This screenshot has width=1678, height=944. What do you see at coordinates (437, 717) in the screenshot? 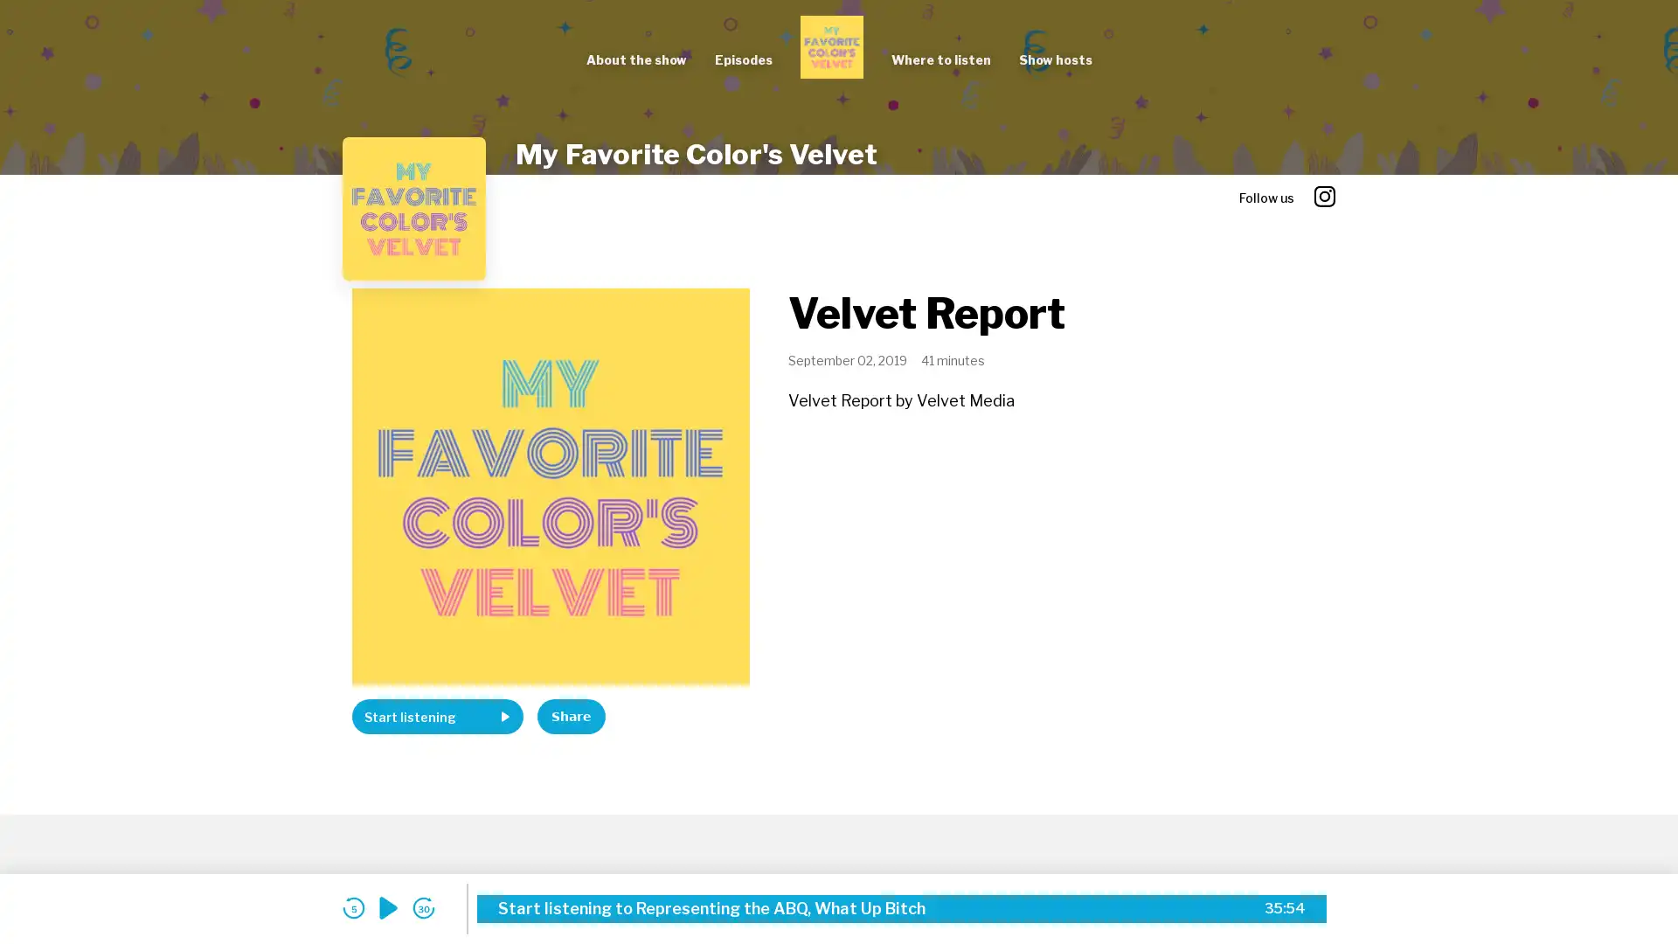
I see `Start listening` at bounding box center [437, 717].